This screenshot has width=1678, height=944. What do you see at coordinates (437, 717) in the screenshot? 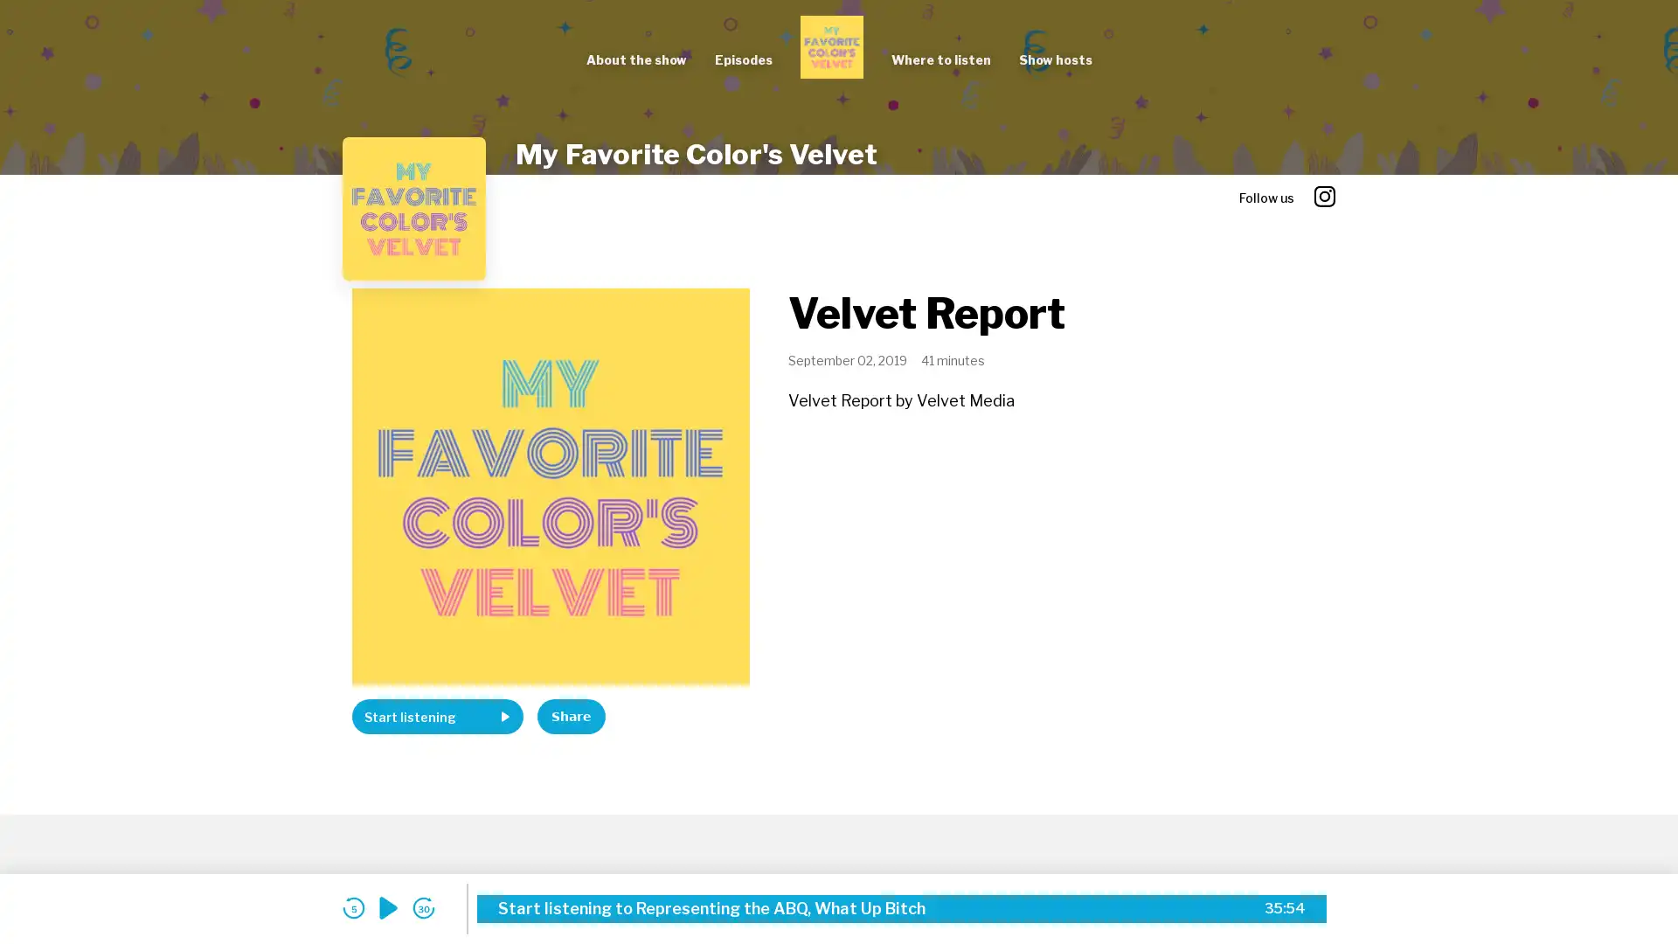
I see `Start listening` at bounding box center [437, 717].